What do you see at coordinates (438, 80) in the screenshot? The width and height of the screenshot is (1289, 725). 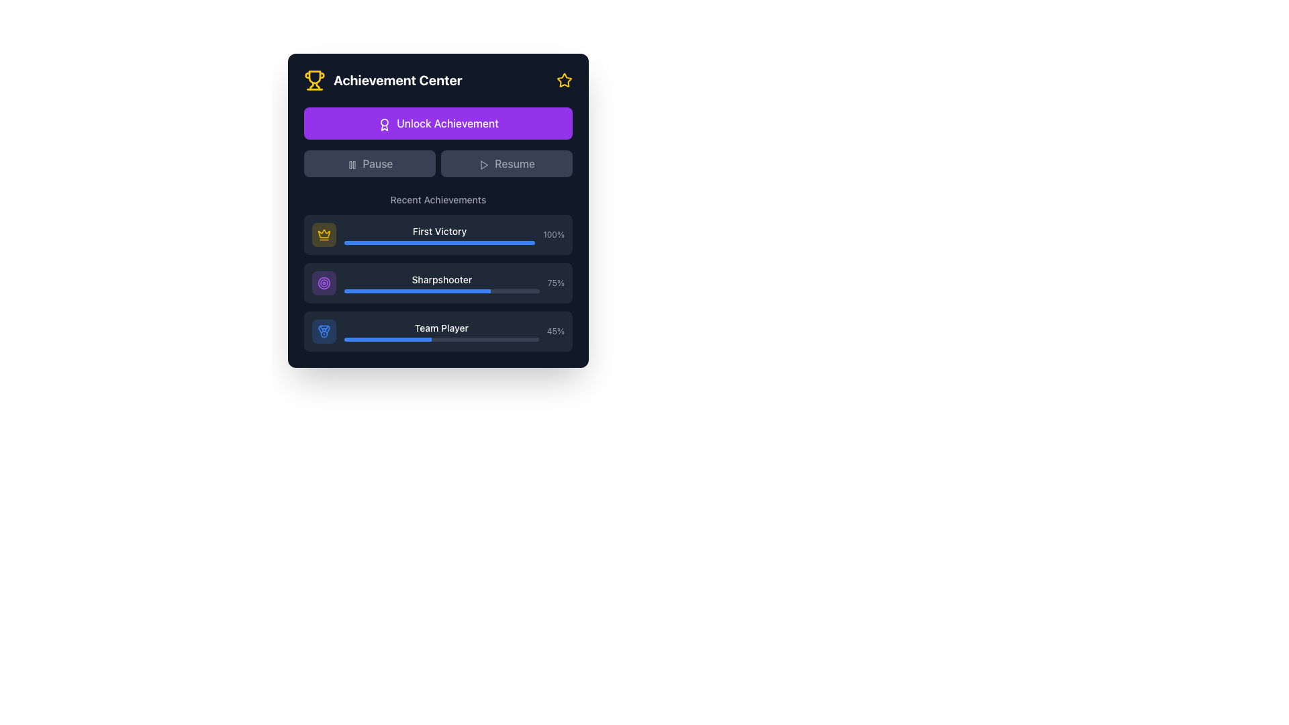 I see `the 'Achievement Center' header, which includes text and two icons (a trophy icon on the left and a star icon on the right)` at bounding box center [438, 80].